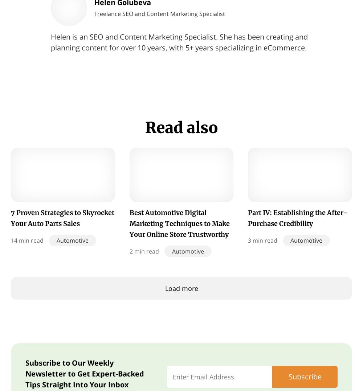  What do you see at coordinates (181, 288) in the screenshot?
I see `'Load more'` at bounding box center [181, 288].